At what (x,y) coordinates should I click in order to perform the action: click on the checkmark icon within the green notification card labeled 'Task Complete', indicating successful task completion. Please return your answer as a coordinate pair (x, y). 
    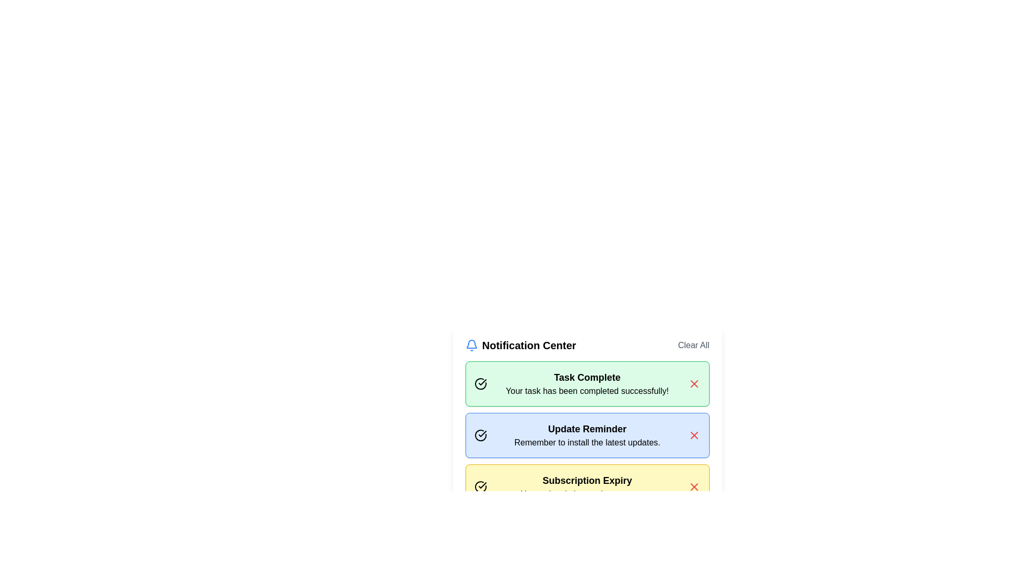
    Looking at the image, I should click on (481, 434).